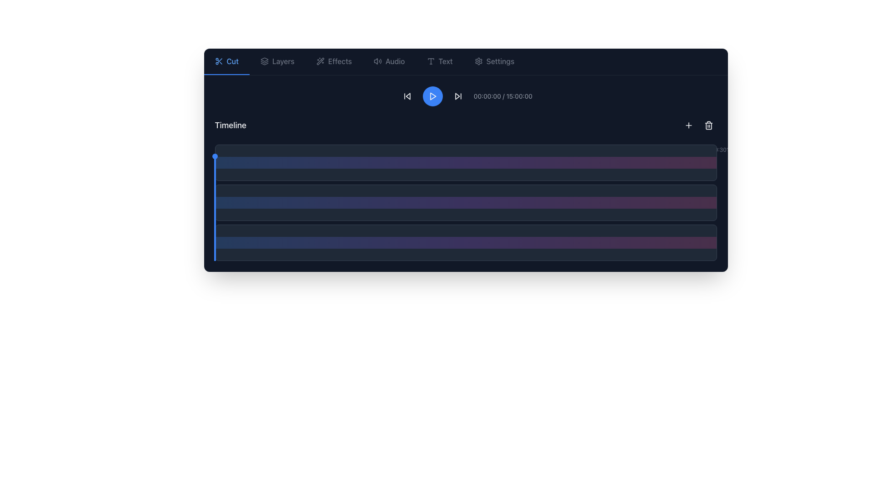  Describe the element at coordinates (503, 150) in the screenshot. I see `the time marker text element located at the center of the timeline, specifically the 25th element in the sequence, positioned between '5:45' and '6:15'` at that location.